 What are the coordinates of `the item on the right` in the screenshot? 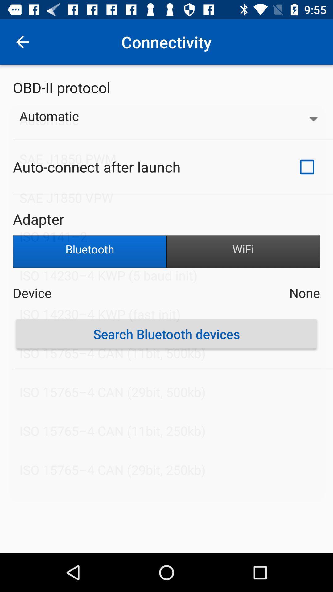 It's located at (243, 252).